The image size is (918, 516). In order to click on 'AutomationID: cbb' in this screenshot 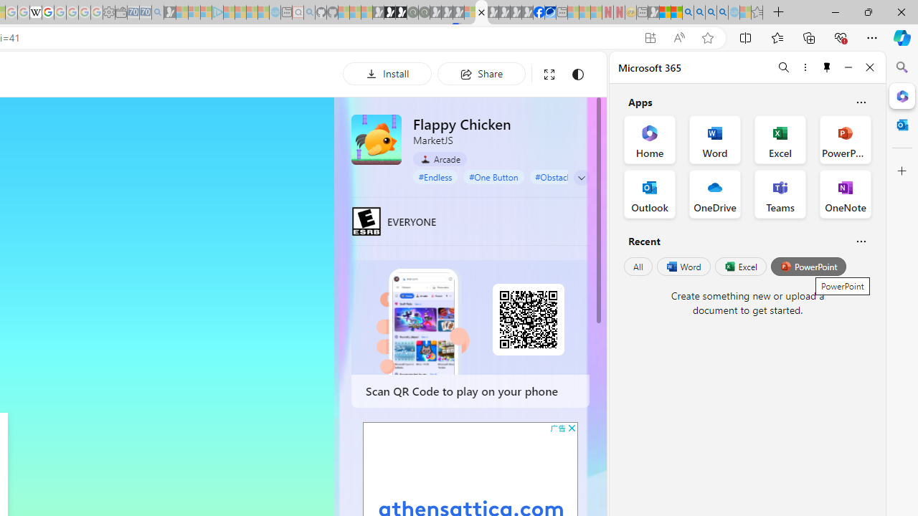, I will do `click(571, 427)`.